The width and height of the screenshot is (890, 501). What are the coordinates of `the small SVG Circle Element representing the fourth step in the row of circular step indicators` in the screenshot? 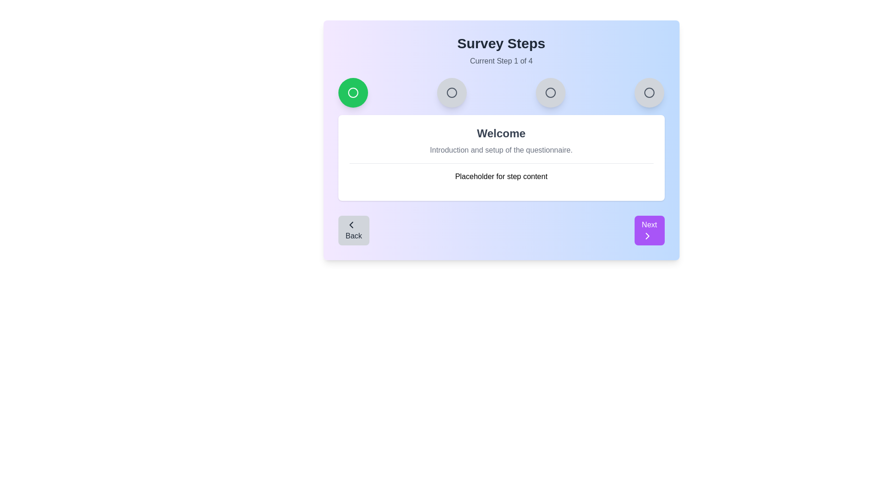 It's located at (649, 93).